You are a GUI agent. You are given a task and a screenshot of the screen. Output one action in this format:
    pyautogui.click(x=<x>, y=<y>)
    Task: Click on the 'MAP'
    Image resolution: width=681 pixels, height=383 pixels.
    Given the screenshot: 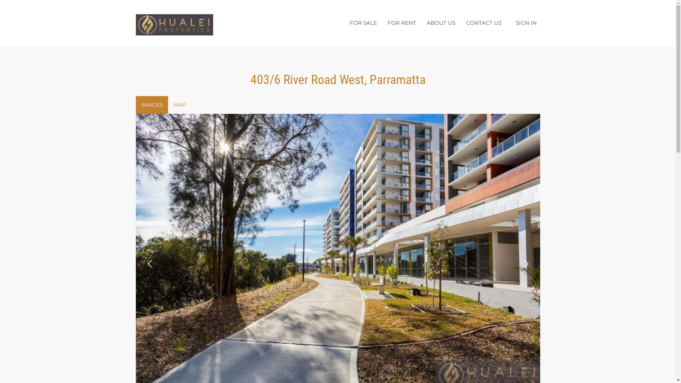 What is the action you would take?
    pyautogui.click(x=180, y=105)
    